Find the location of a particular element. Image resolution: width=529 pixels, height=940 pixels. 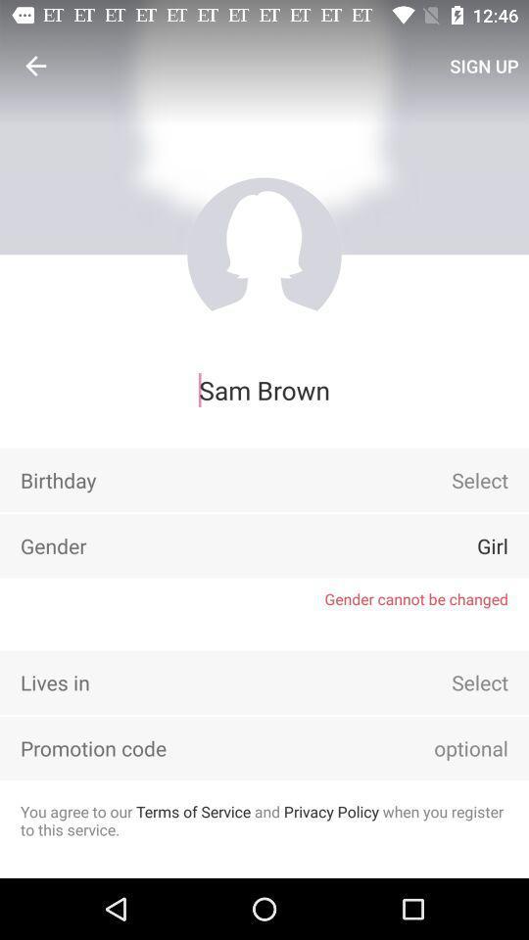

icon above sam brown is located at coordinates (35, 66).